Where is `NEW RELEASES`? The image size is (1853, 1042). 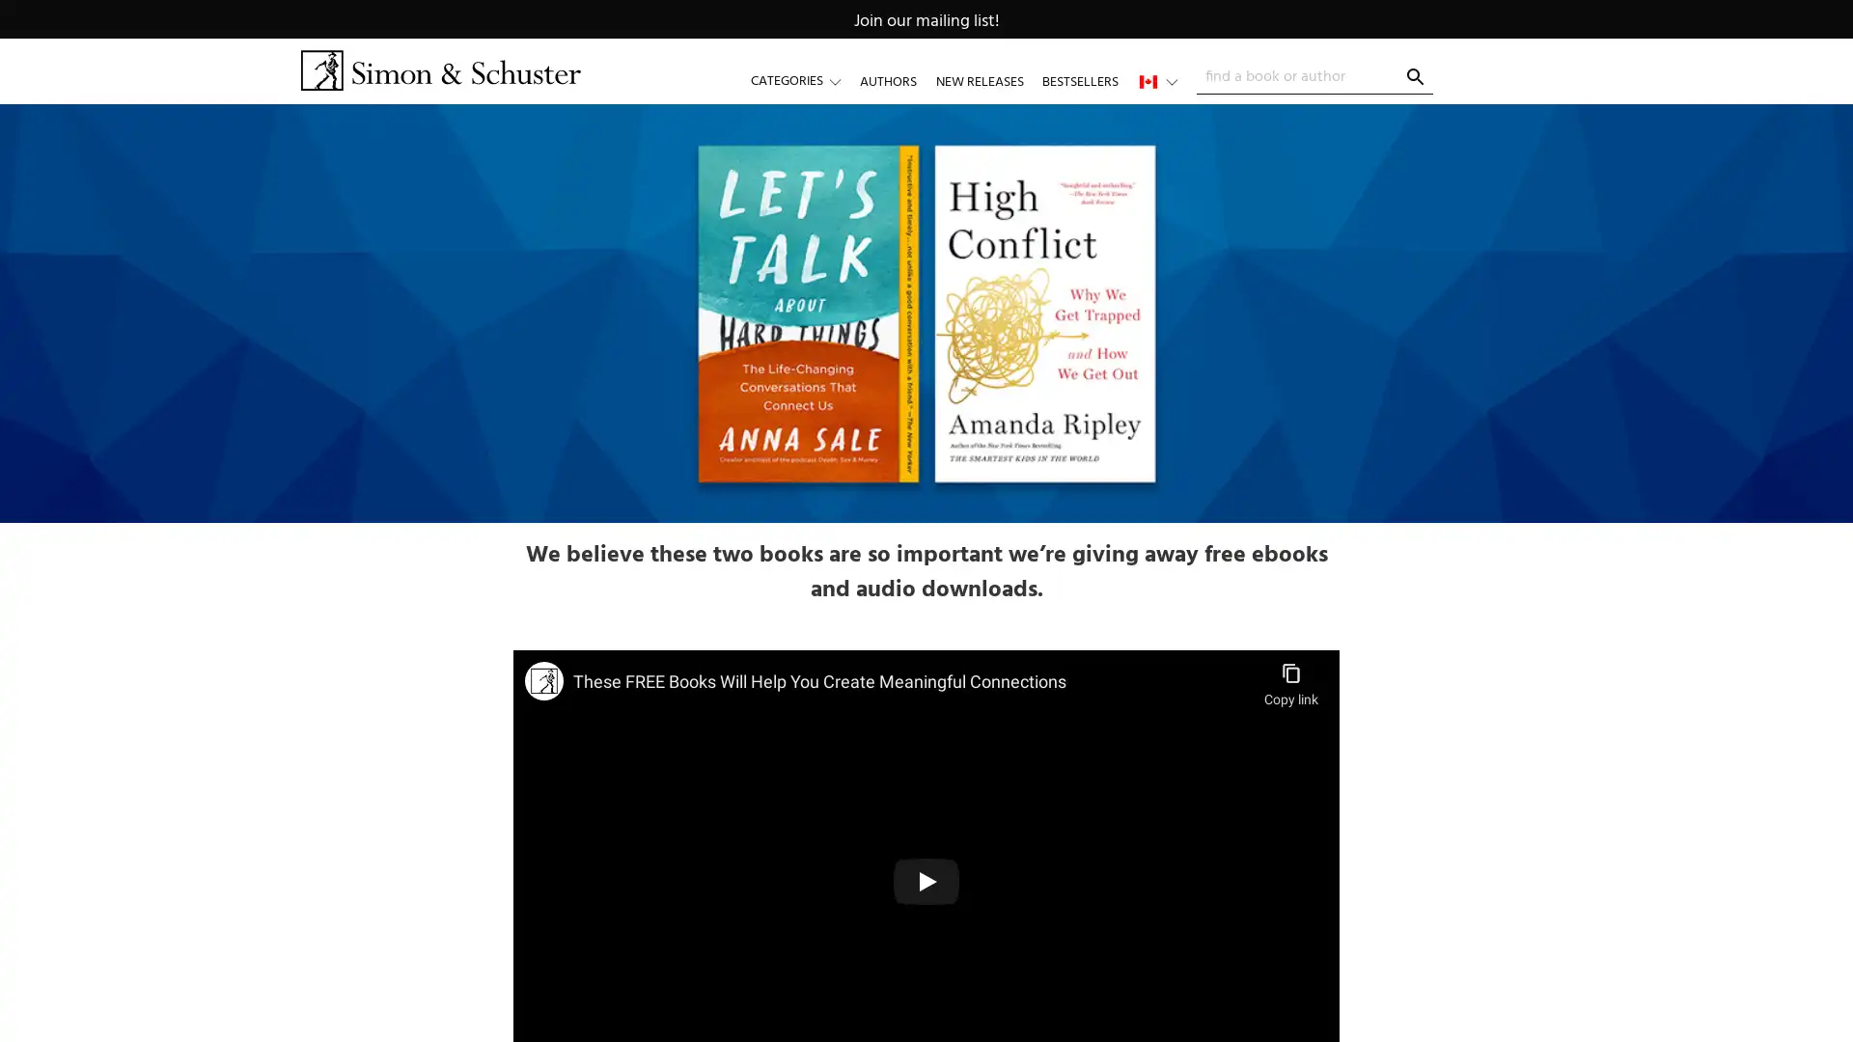 NEW RELEASES is located at coordinates (979, 80).